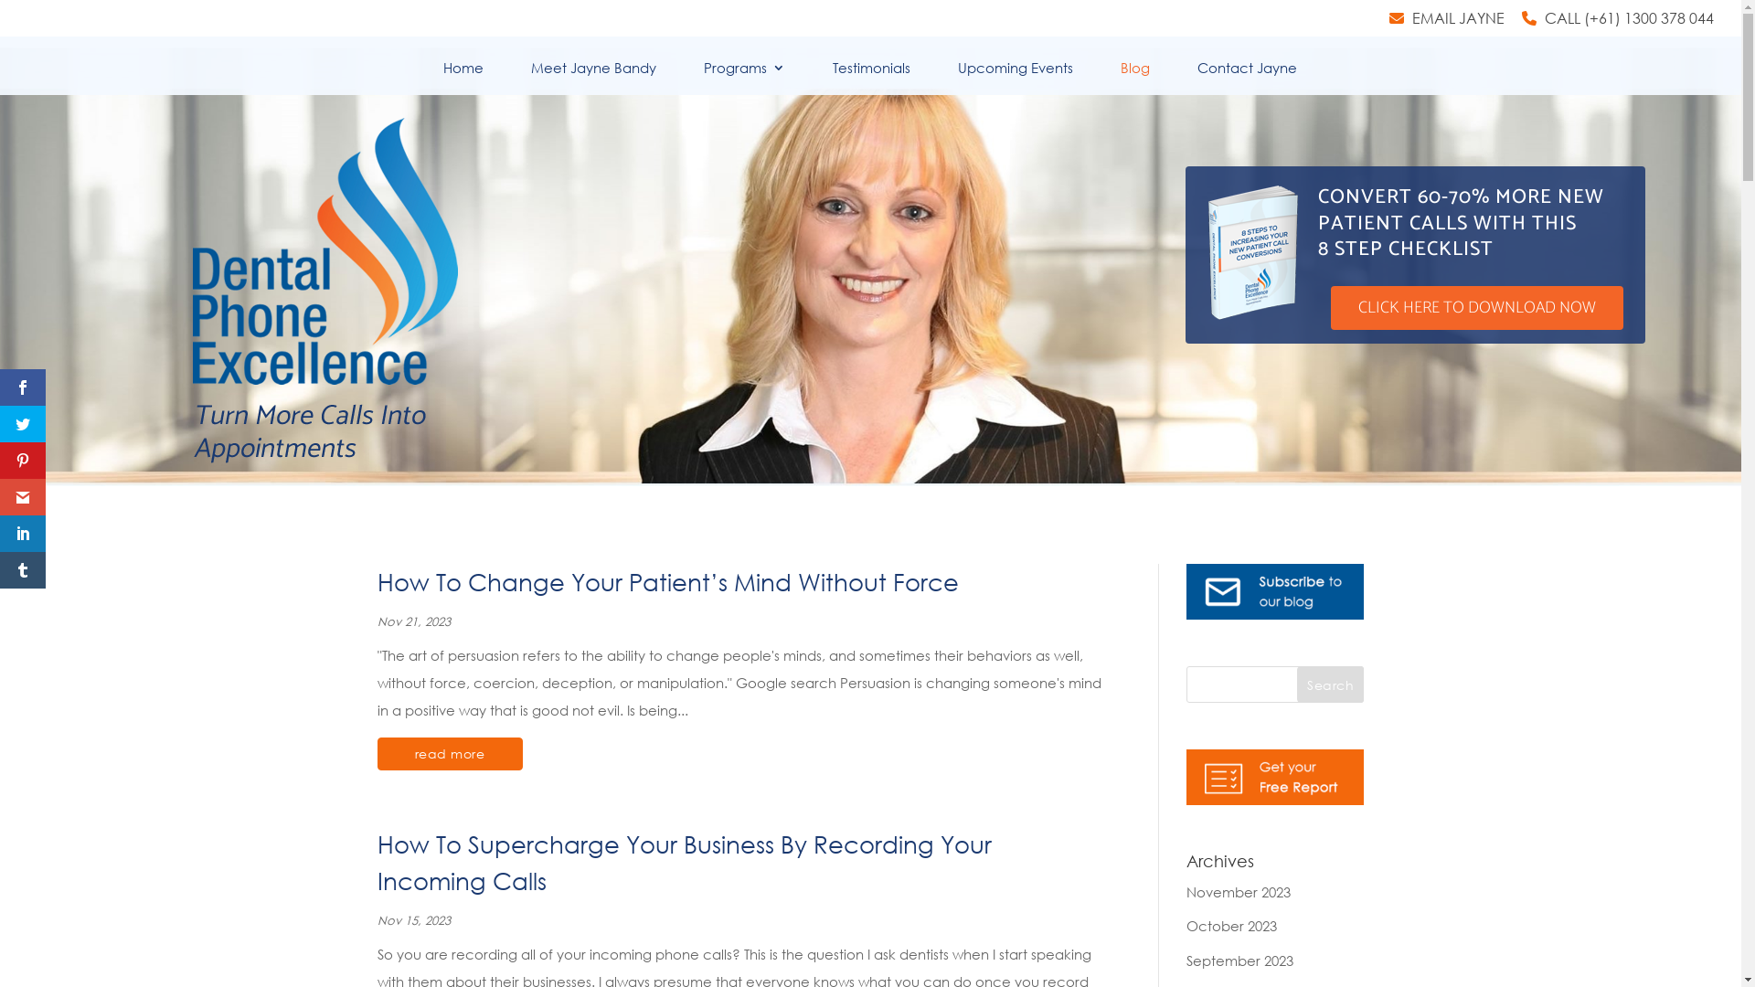  Describe the element at coordinates (1231, 926) in the screenshot. I see `'October 2023'` at that location.